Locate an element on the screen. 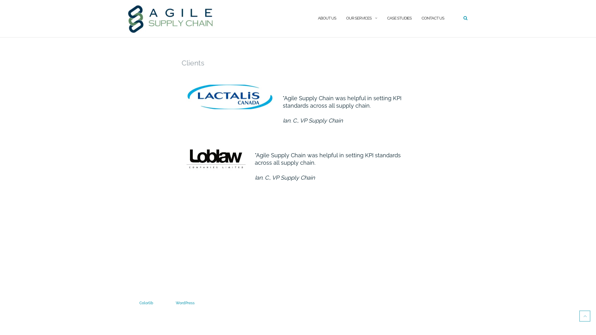 This screenshot has width=596, height=335. 'CASE STUDIES' is located at coordinates (399, 18).